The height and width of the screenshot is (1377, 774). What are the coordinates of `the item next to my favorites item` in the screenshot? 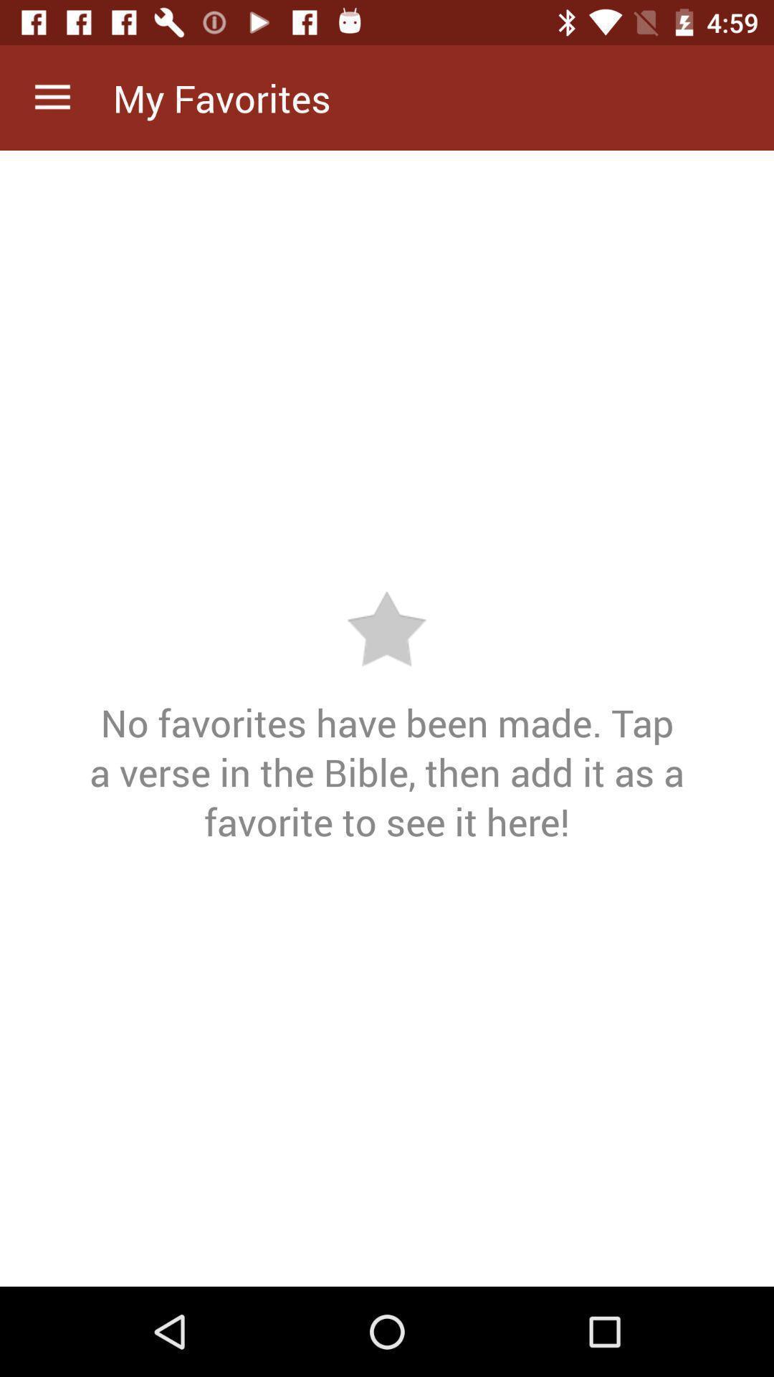 It's located at (52, 97).